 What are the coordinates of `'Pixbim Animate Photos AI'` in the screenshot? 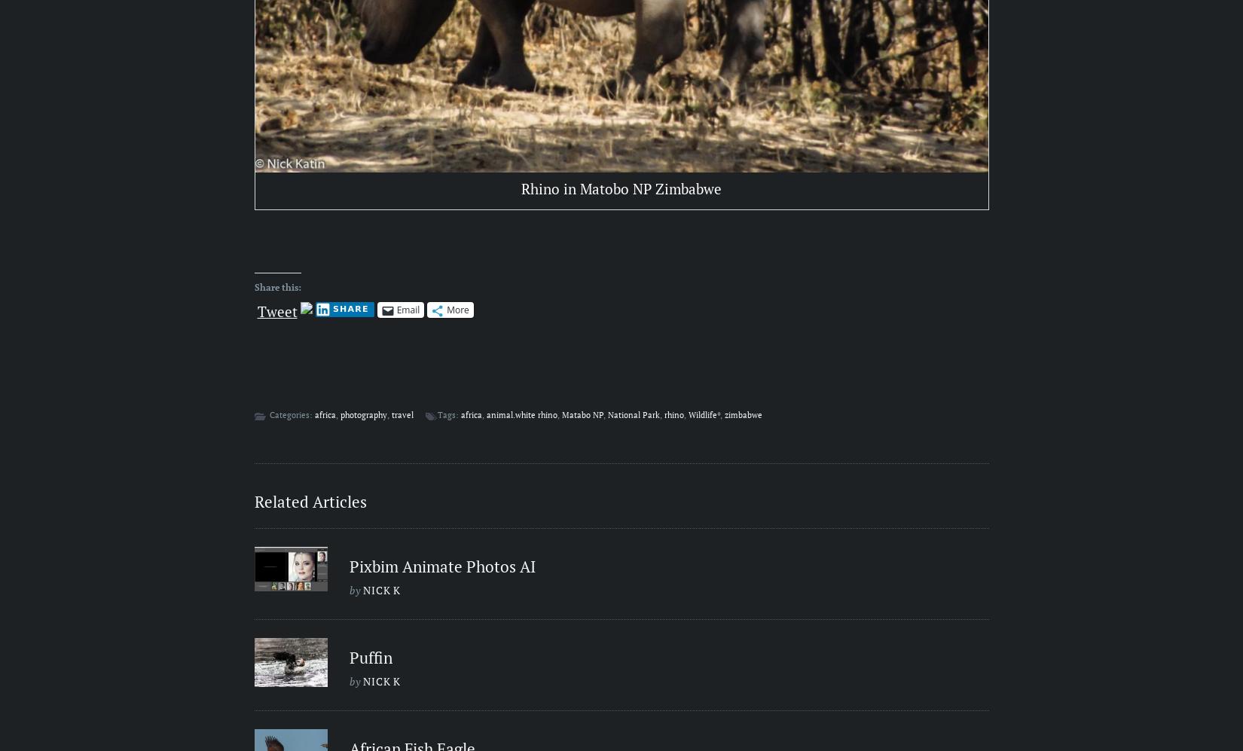 It's located at (348, 566).